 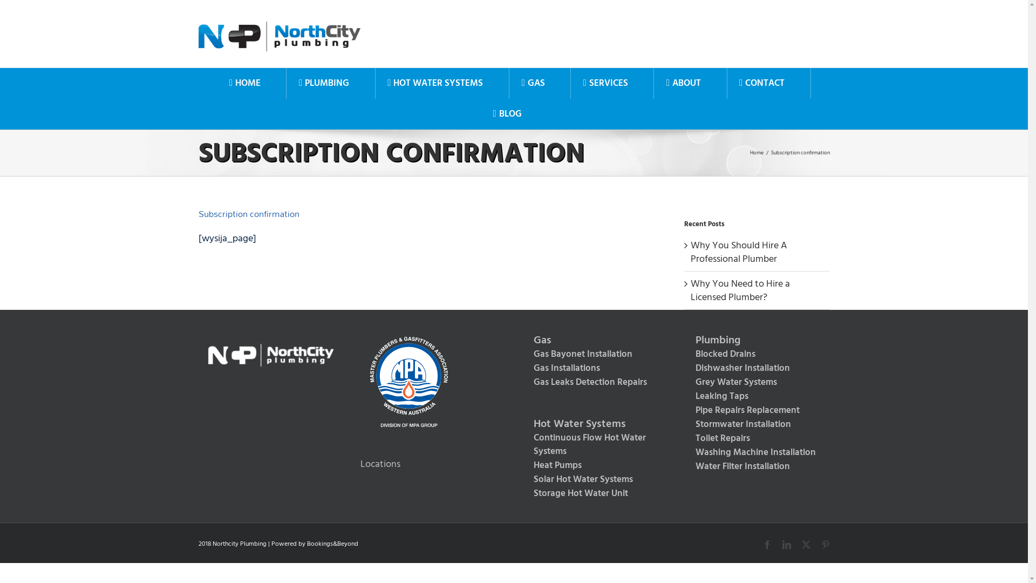 I want to click on 'Pinterest', so click(x=820, y=545).